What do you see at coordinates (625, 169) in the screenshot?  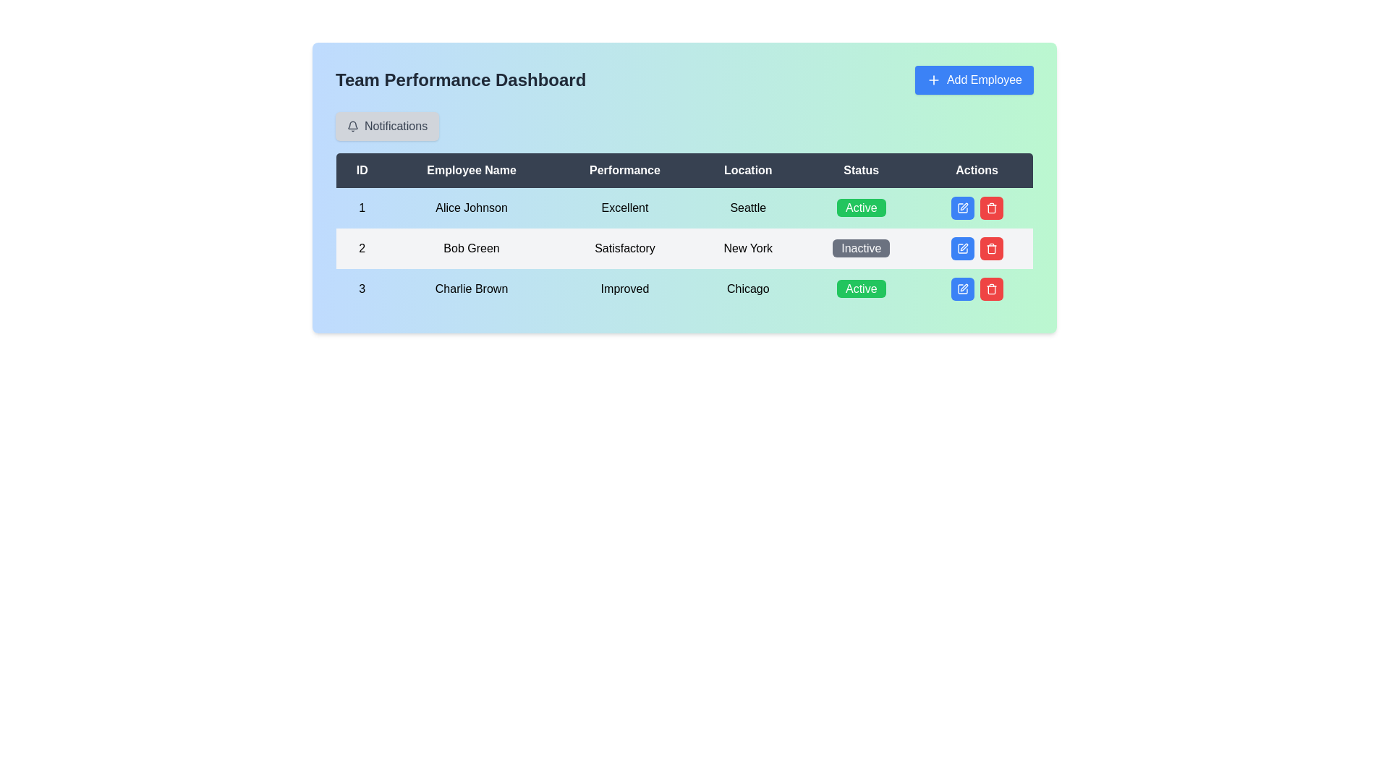 I see `the 'Performance' text label in the table header, which is the third header in the row, displayed in white font on a dark background` at bounding box center [625, 169].